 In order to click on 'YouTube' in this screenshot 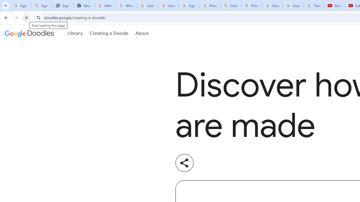, I will do `click(335, 6)`.